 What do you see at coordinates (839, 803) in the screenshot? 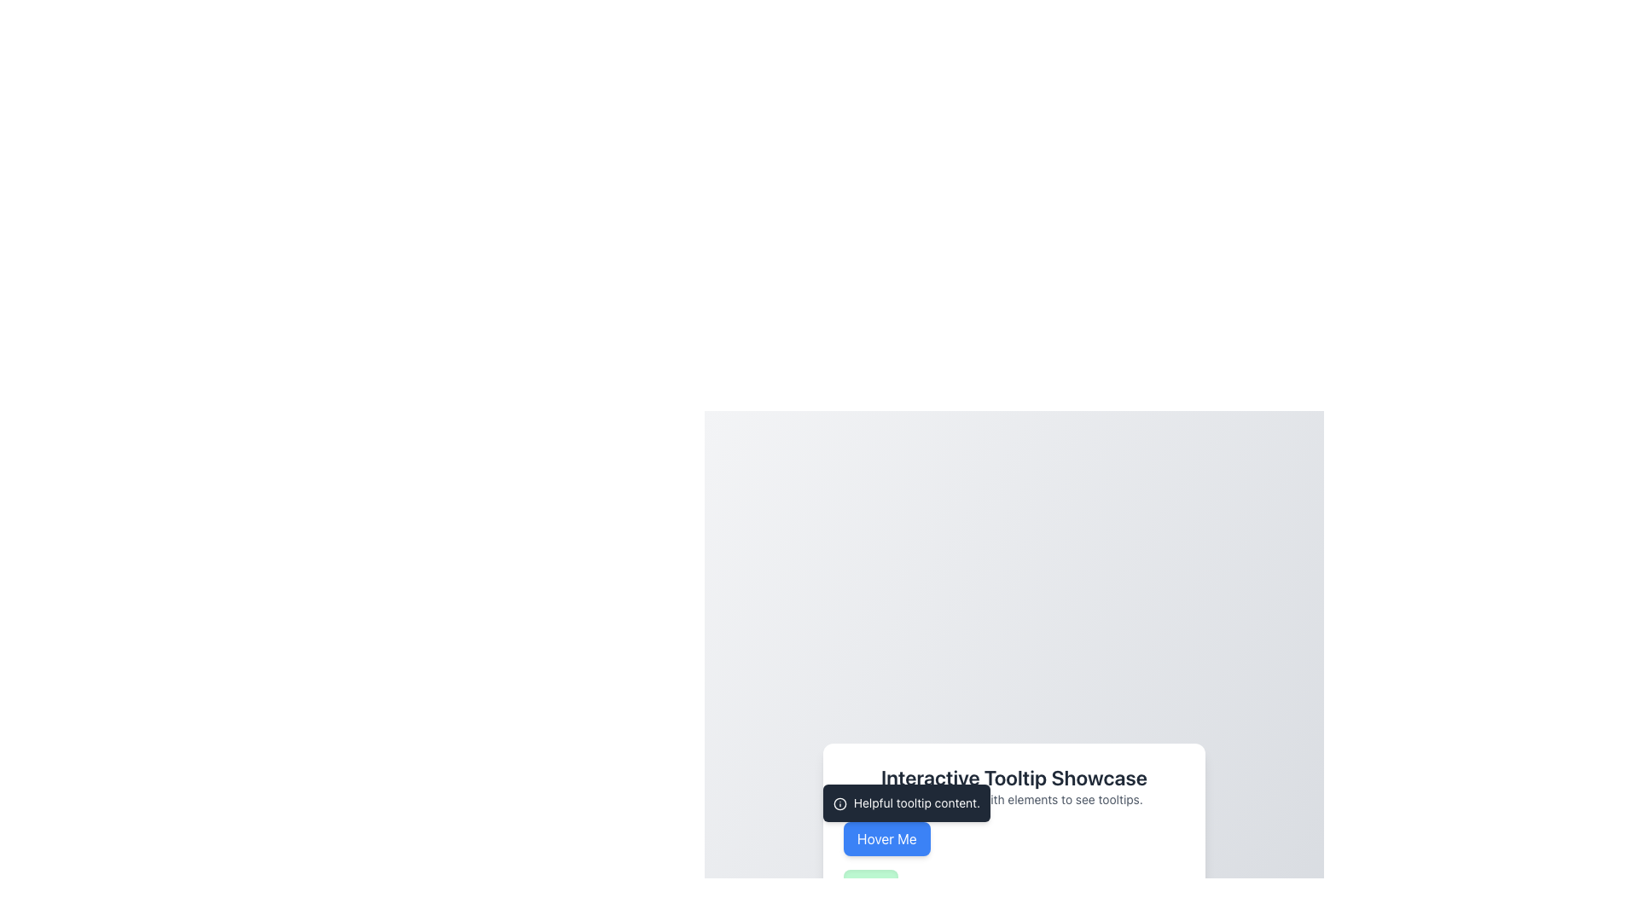
I see `the circular SVG element that is part of the information icon in the tooltip containing 'Helpful tooltip content.'` at bounding box center [839, 803].